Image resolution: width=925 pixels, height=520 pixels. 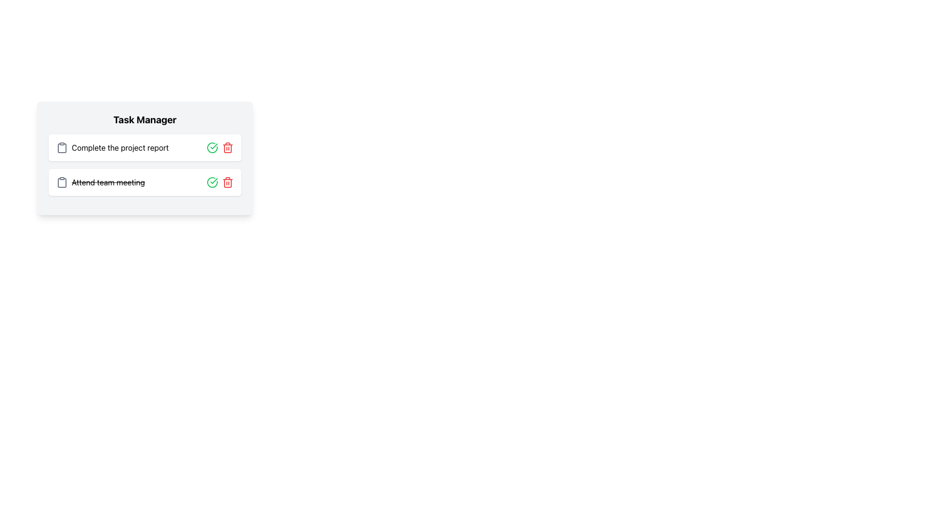 What do you see at coordinates (108, 182) in the screenshot?
I see `the text label reading 'Attend team meeting' which is styled with a line-through effect, indicating it is marked as completed within the task management interface` at bounding box center [108, 182].